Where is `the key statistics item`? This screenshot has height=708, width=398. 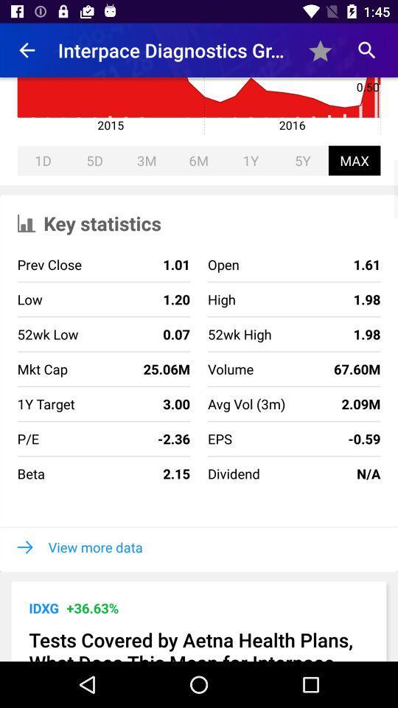 the key statistics item is located at coordinates (199, 221).